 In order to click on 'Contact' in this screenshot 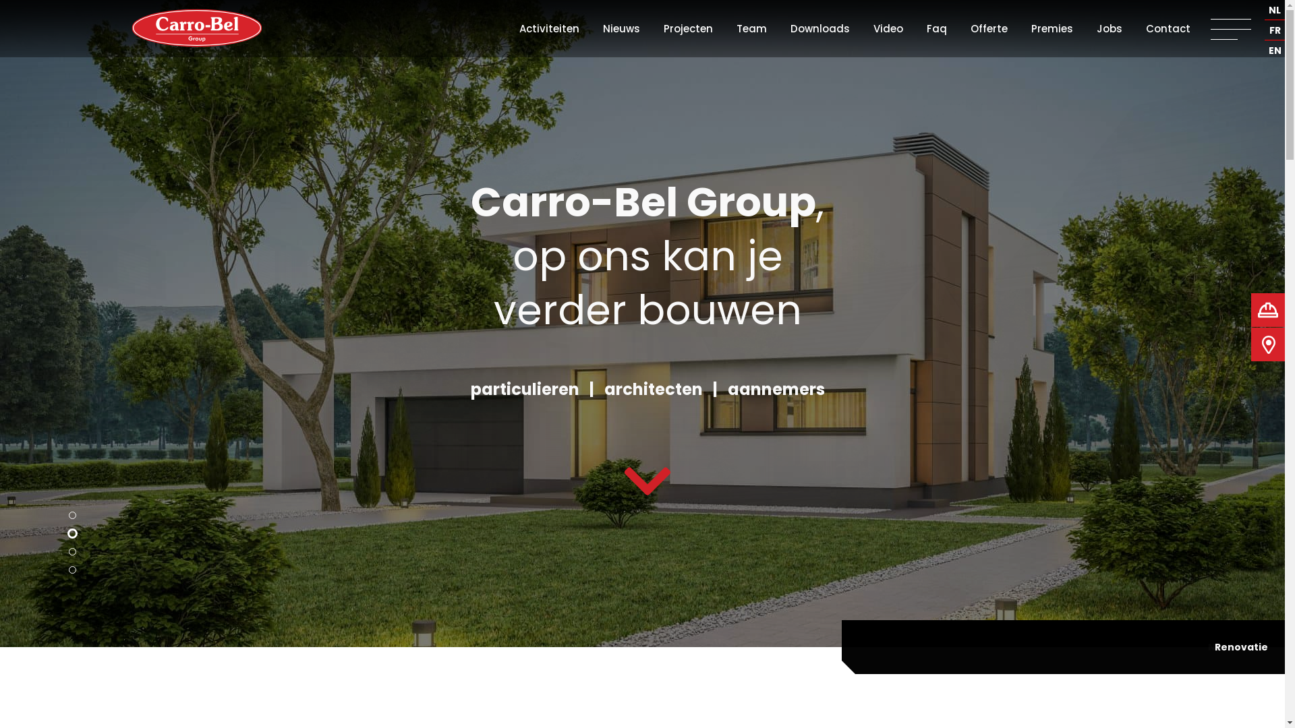, I will do `click(1145, 28)`.